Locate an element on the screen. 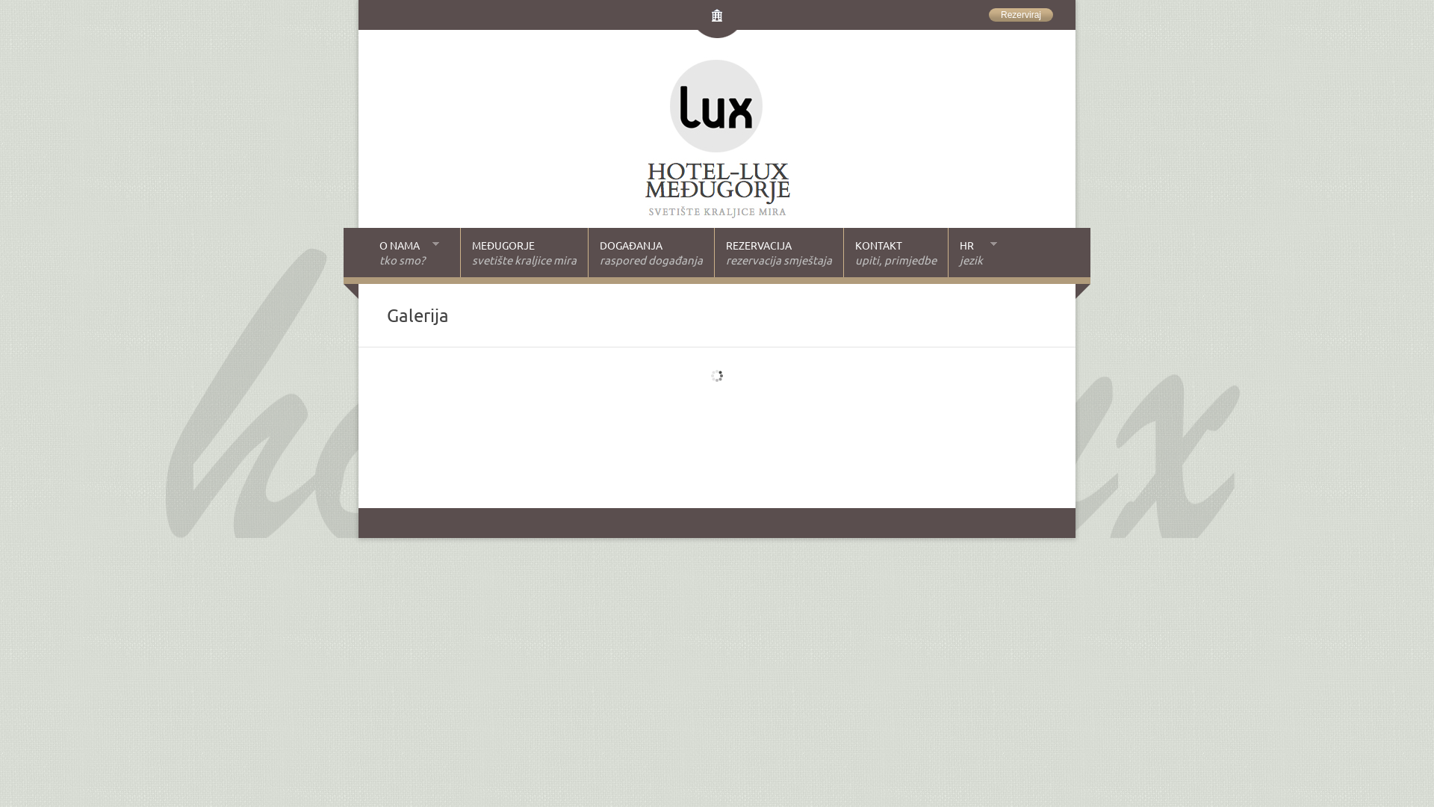 The height and width of the screenshot is (807, 1434). 'DSC-102' is located at coordinates (746, 386).